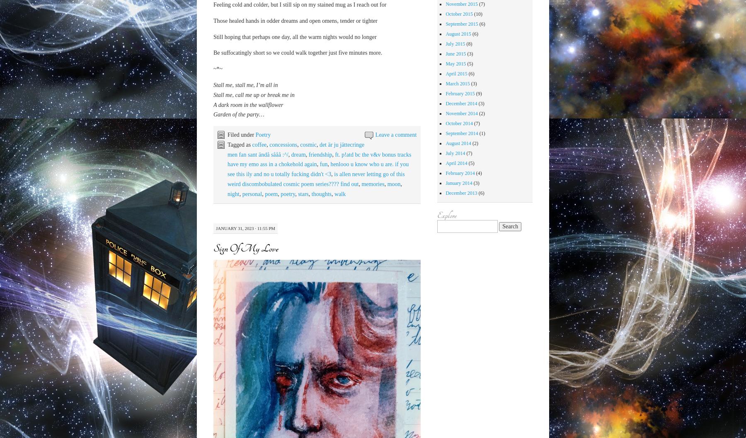  Describe the element at coordinates (459, 14) in the screenshot. I see `'October 2015'` at that location.